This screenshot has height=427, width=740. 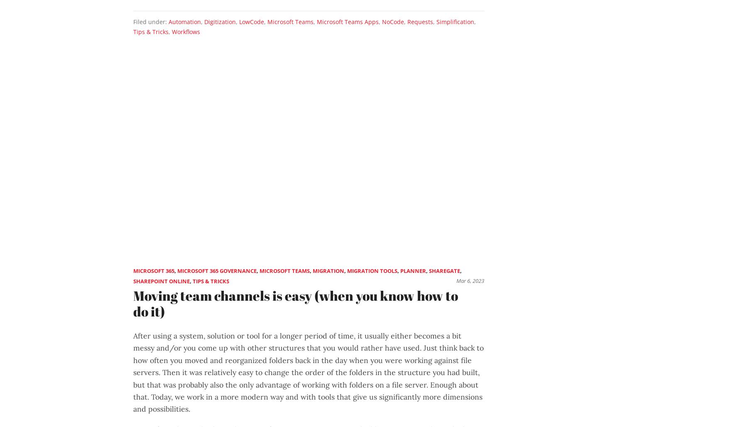 What do you see at coordinates (162, 281) in the screenshot?
I see `'SharePoint Online'` at bounding box center [162, 281].